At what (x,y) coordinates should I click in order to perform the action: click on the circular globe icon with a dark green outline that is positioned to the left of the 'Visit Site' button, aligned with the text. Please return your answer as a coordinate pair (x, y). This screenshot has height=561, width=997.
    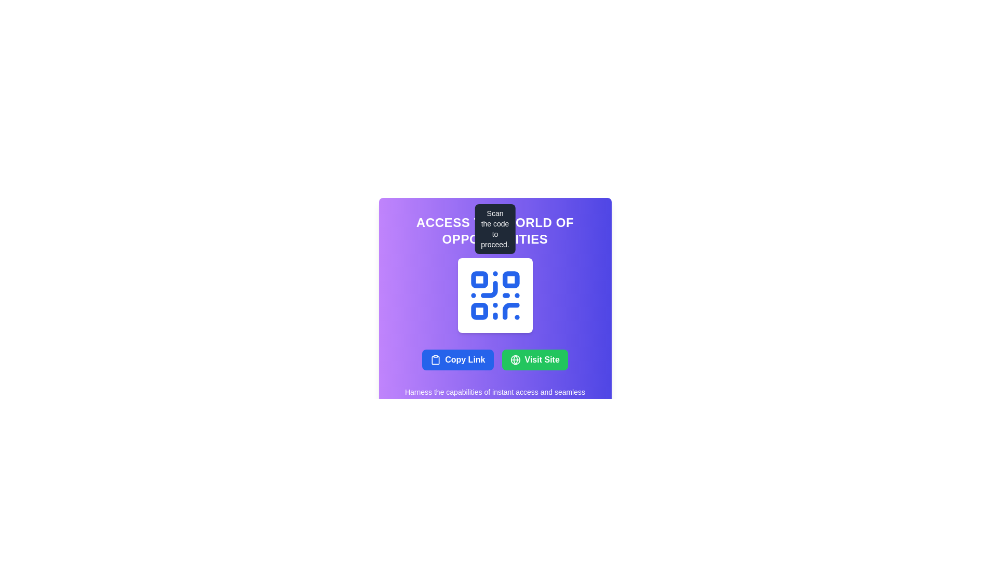
    Looking at the image, I should click on (515, 359).